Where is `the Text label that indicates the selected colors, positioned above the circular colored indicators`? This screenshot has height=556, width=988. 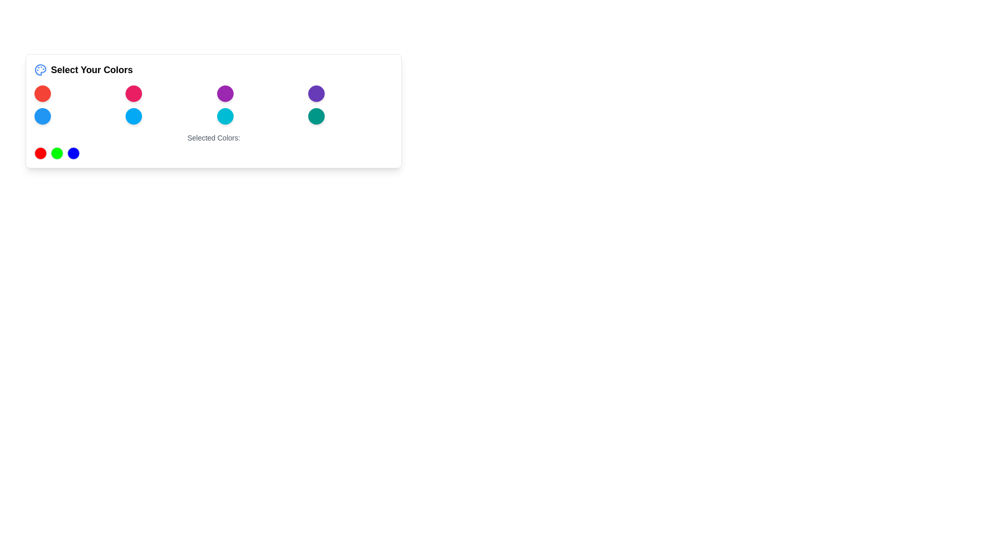 the Text label that indicates the selected colors, positioned above the circular colored indicators is located at coordinates (213, 137).